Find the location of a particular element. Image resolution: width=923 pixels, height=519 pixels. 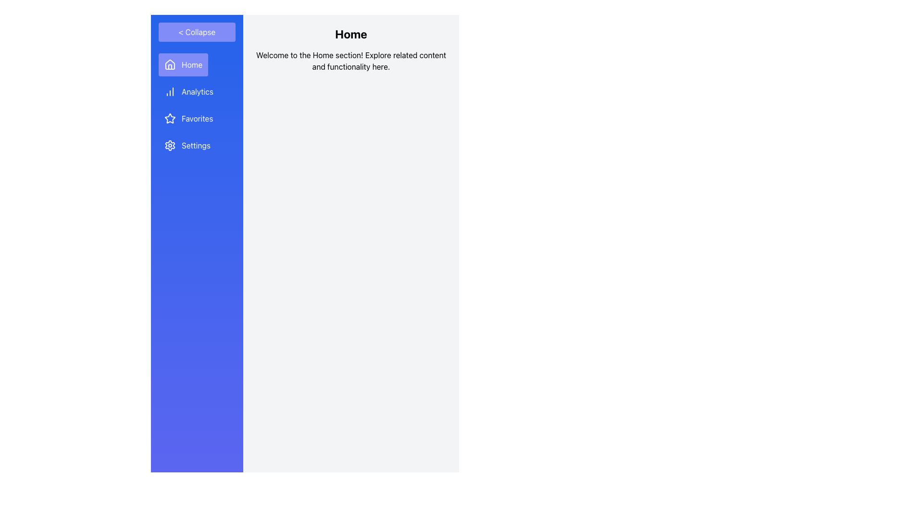

the Home button which contains a small house icon outlined with strokes, located at the top of the vertical navigation sidebar is located at coordinates (170, 65).